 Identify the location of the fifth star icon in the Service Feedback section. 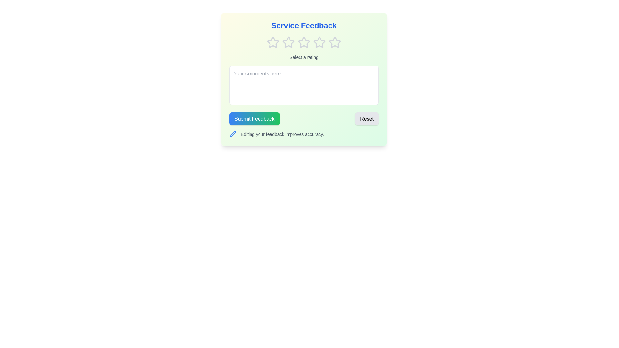
(334, 42).